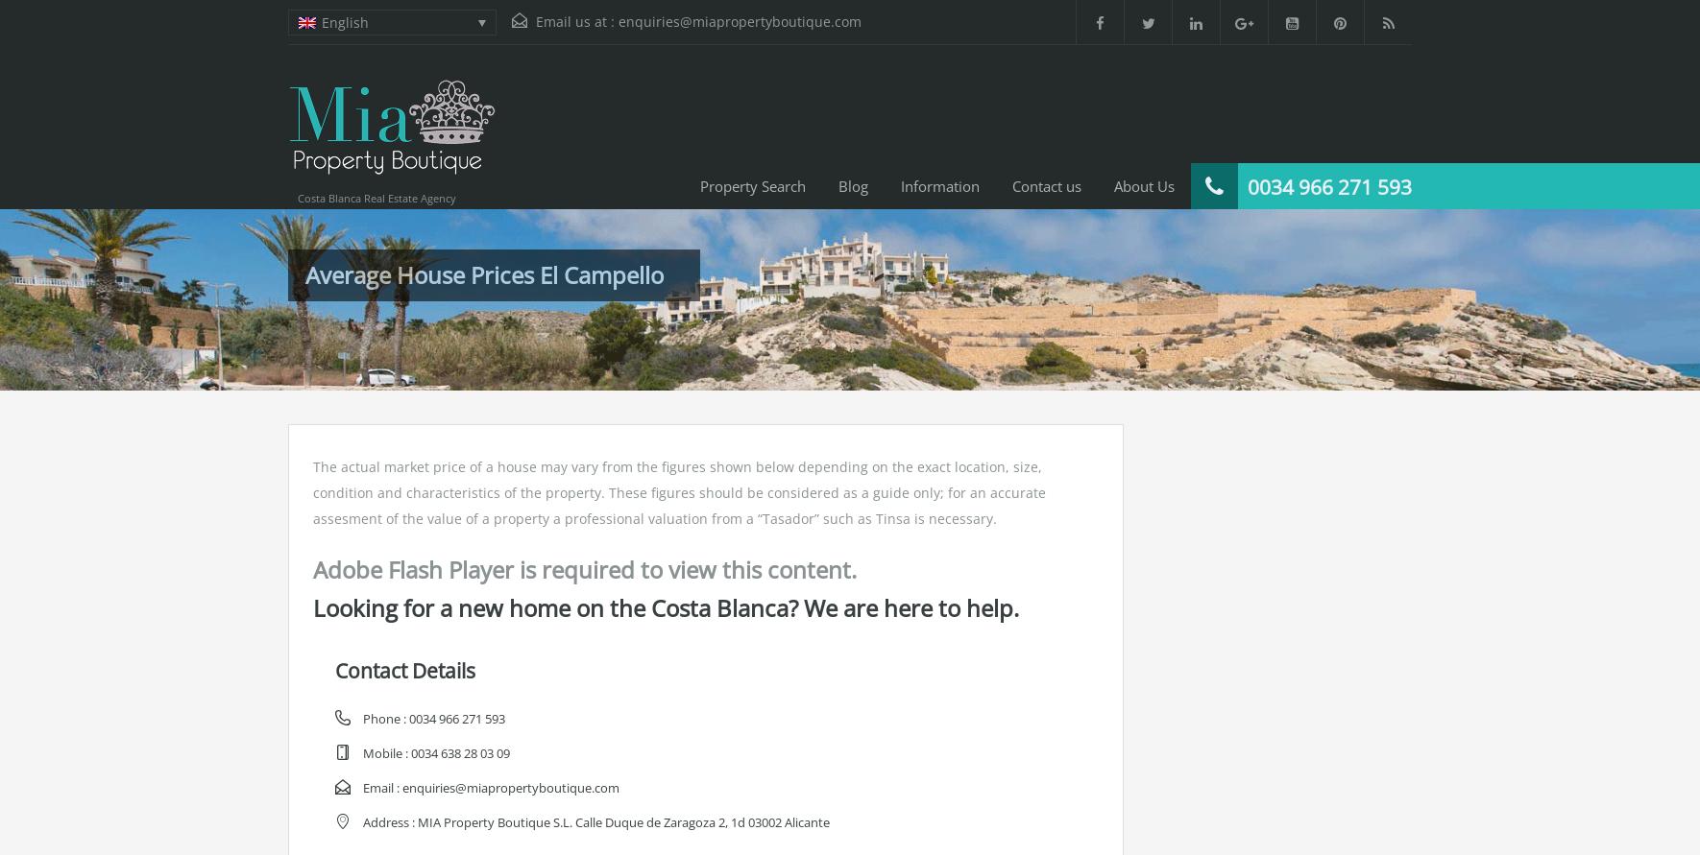  What do you see at coordinates (343, 22) in the screenshot?
I see `'English'` at bounding box center [343, 22].